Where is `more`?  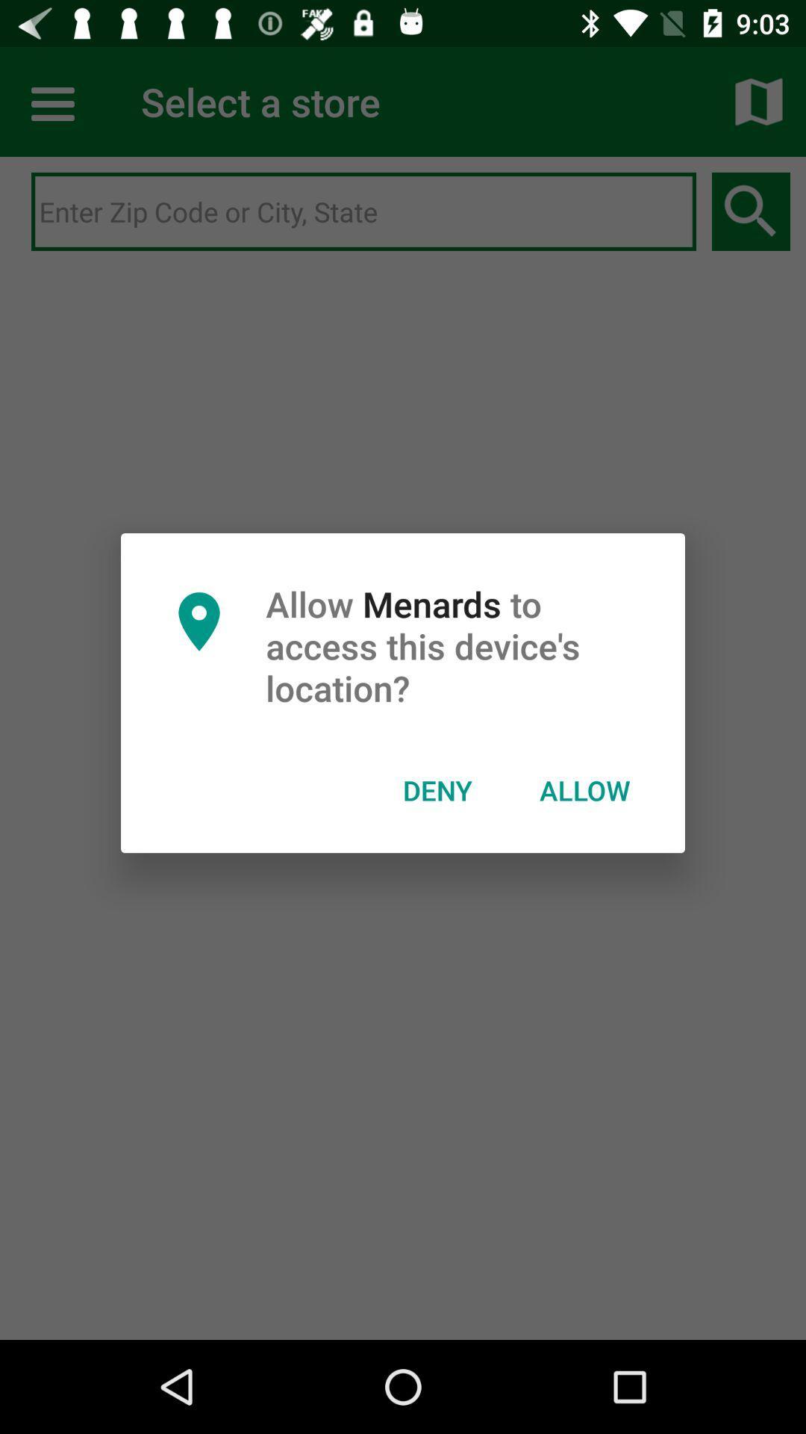
more is located at coordinates (54, 101).